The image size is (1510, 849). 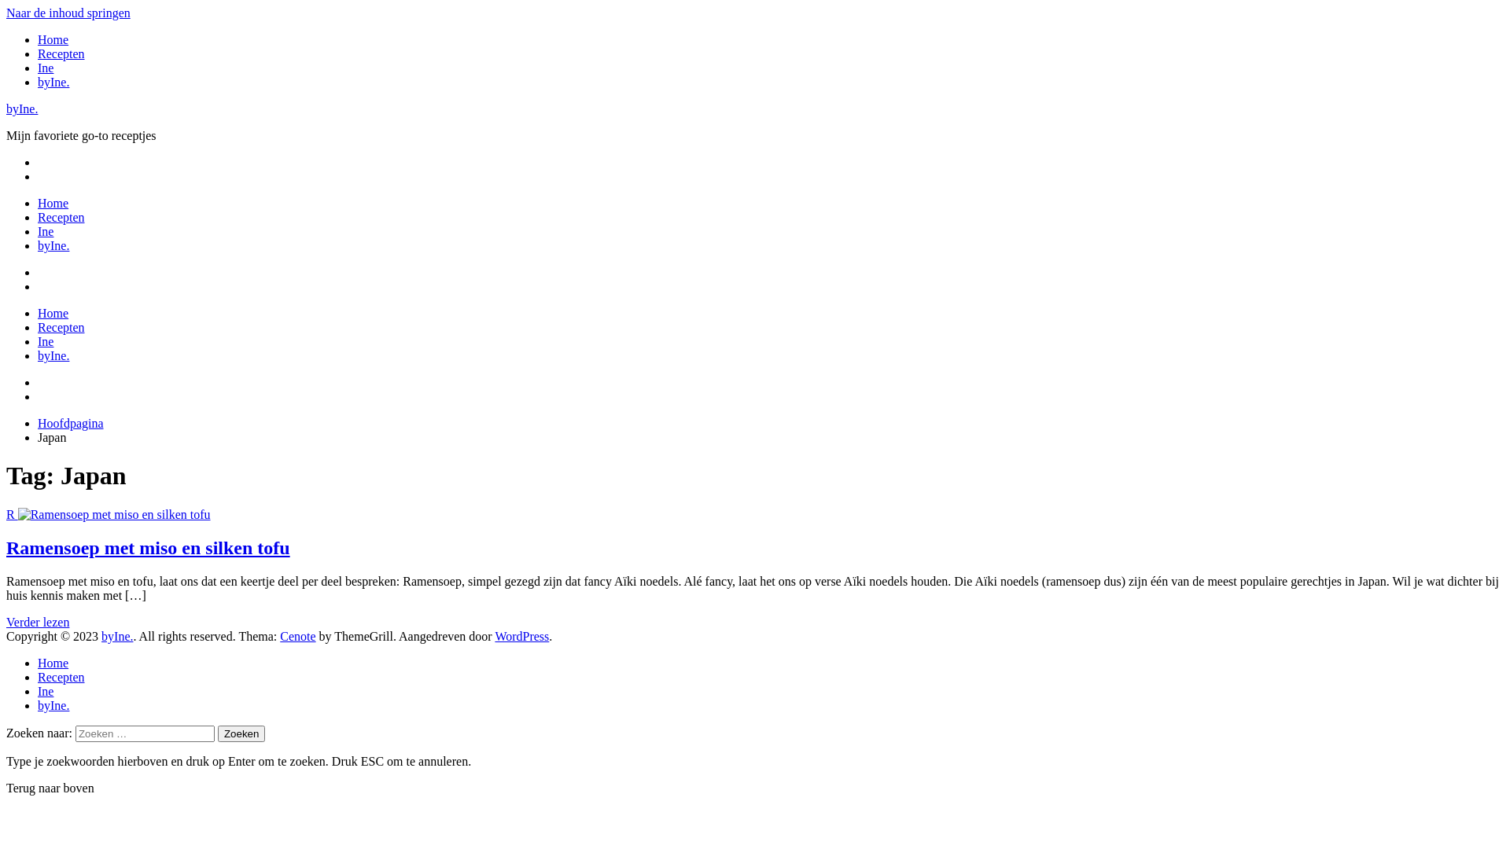 I want to click on 'Naar de inhoud springen', so click(x=67, y=13).